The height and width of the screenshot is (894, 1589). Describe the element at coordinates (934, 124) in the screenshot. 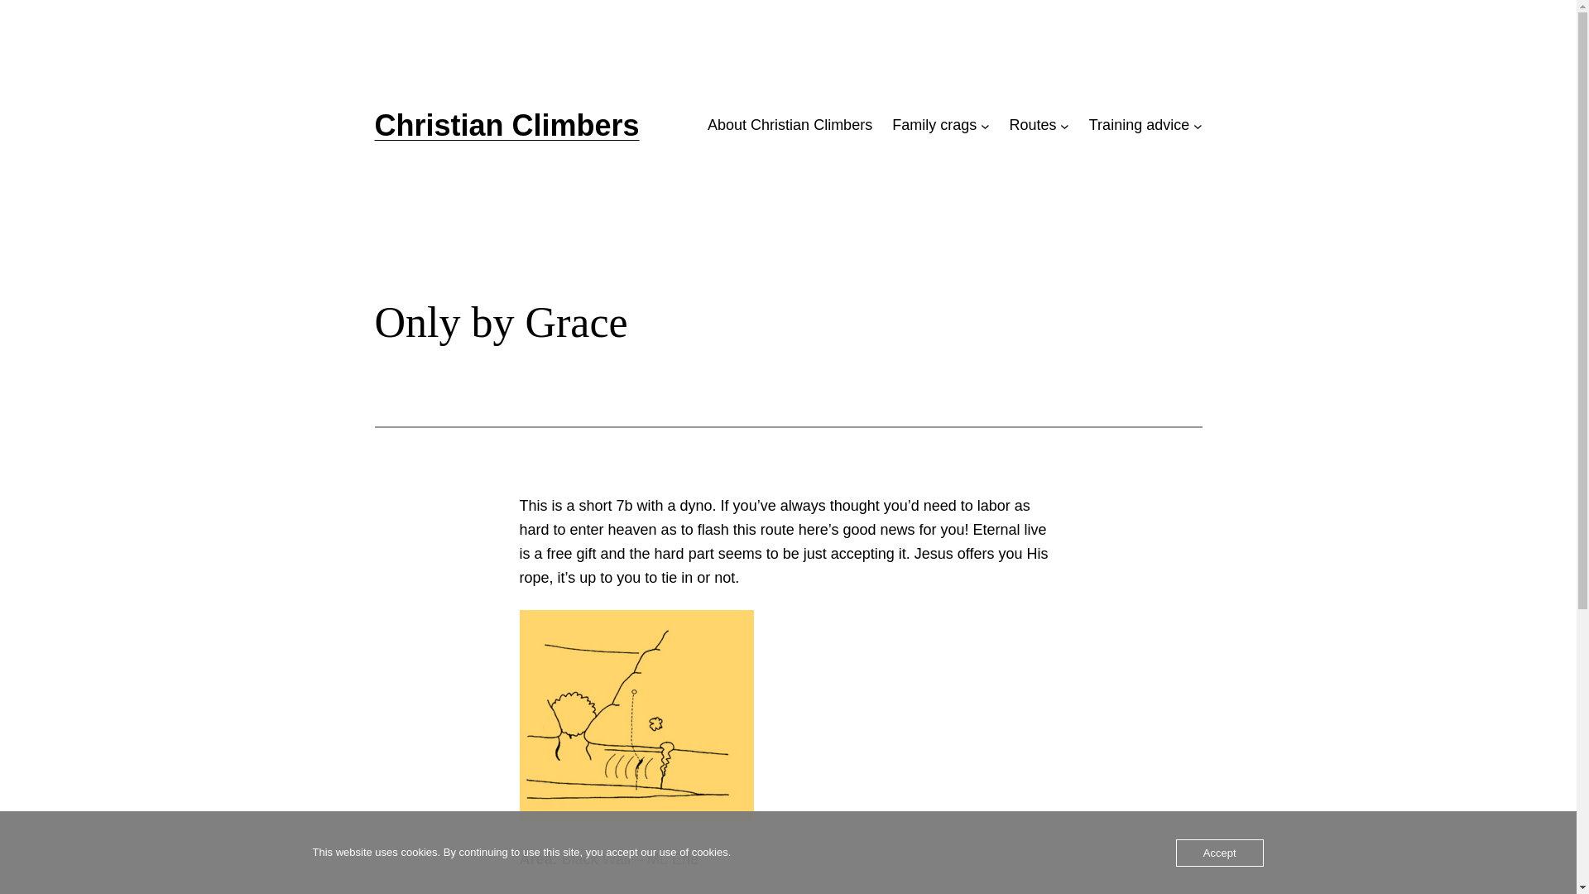

I see `'Family crags'` at that location.